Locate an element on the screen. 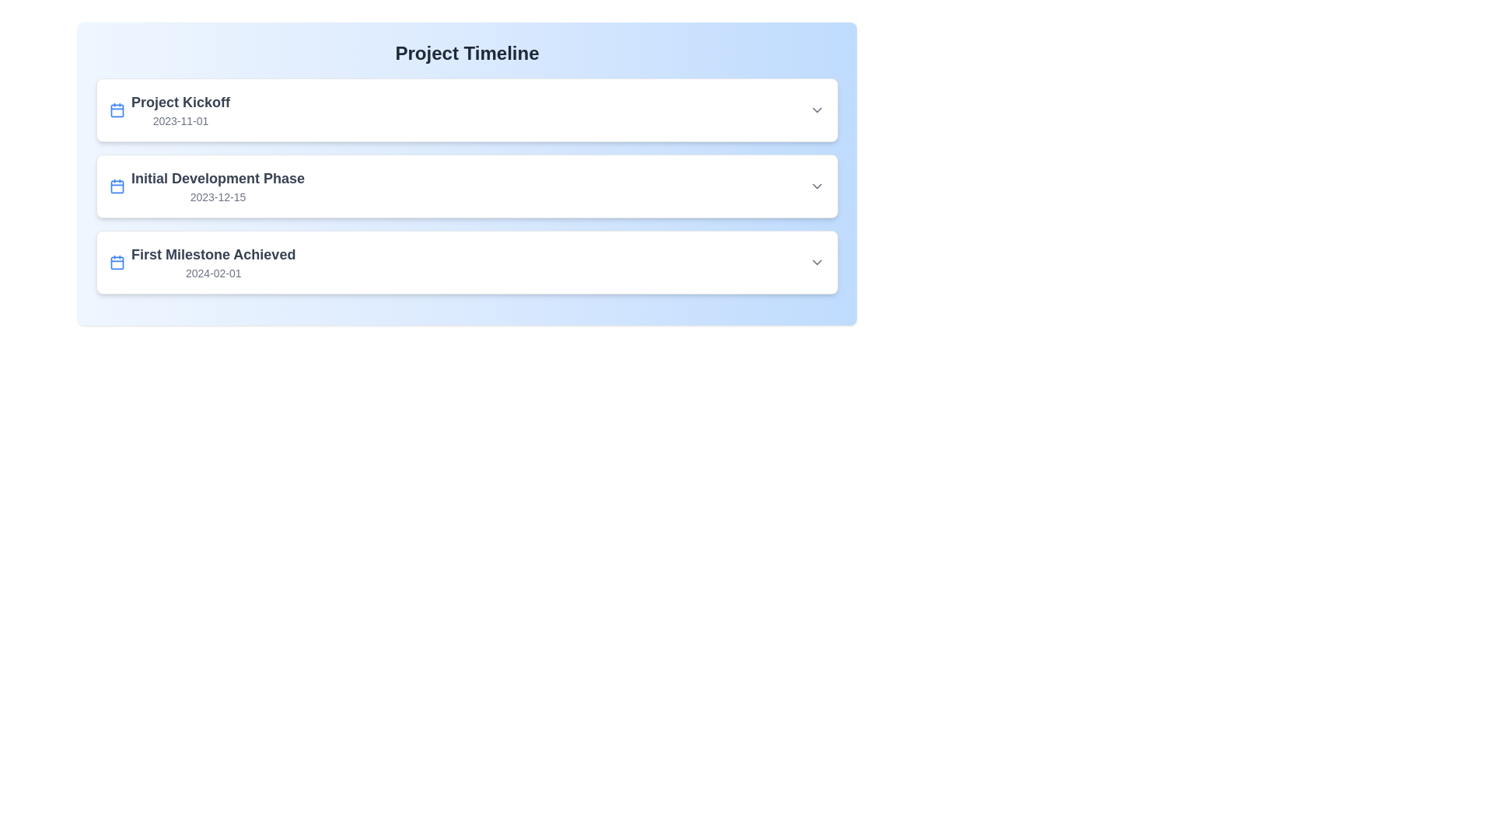 The width and height of the screenshot is (1493, 839). the first list item displaying milestone or event information, which includes a calendar icon is located at coordinates (169, 110).